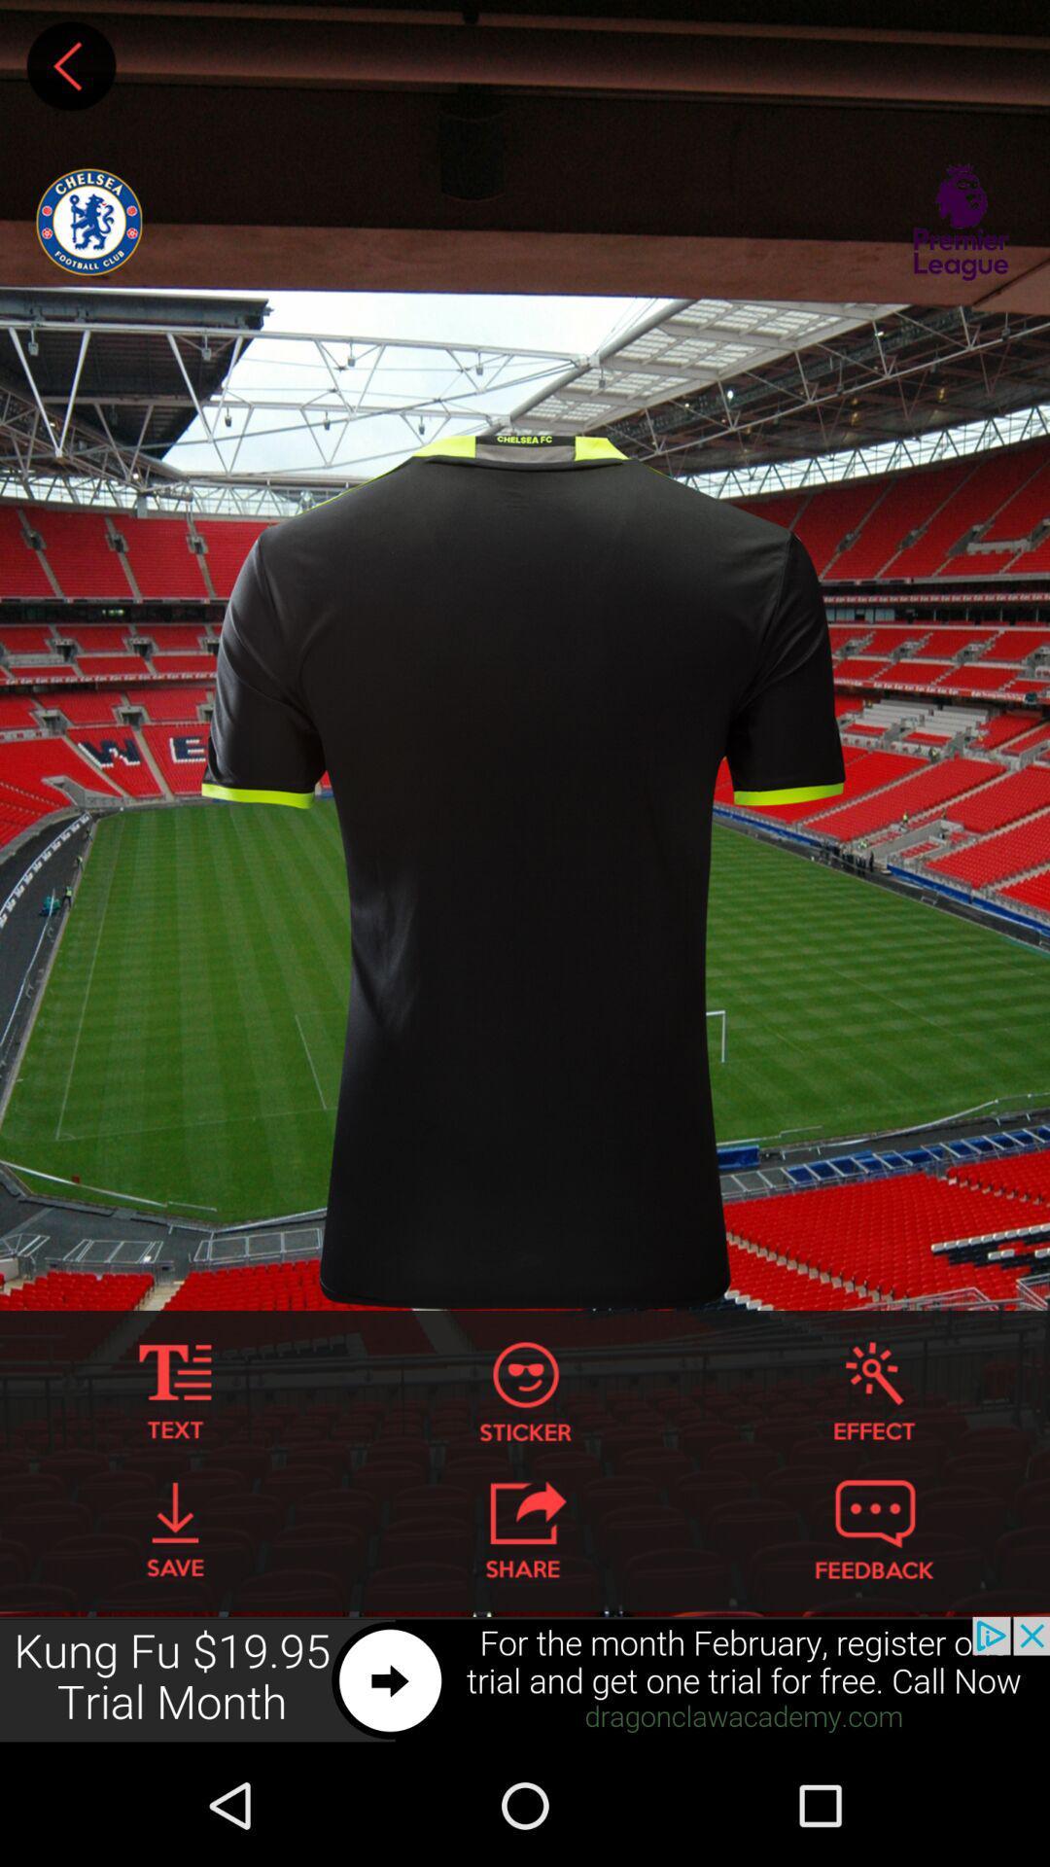 Image resolution: width=1050 pixels, height=1867 pixels. I want to click on download, so click(175, 1529).